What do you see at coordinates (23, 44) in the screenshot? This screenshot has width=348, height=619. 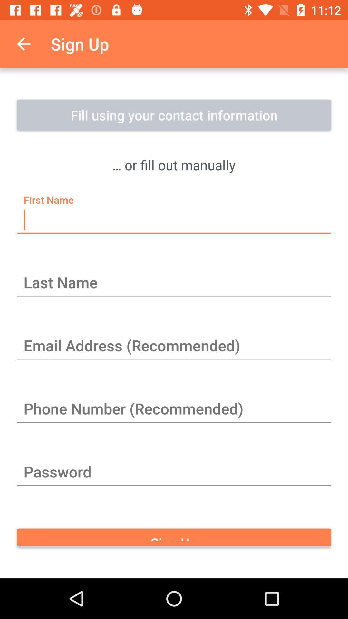 I see `the item above the fill using your icon` at bounding box center [23, 44].